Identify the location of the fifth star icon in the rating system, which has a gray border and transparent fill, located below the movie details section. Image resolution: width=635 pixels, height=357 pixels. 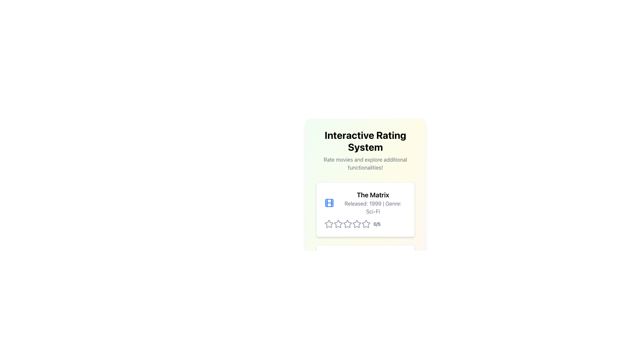
(357, 224).